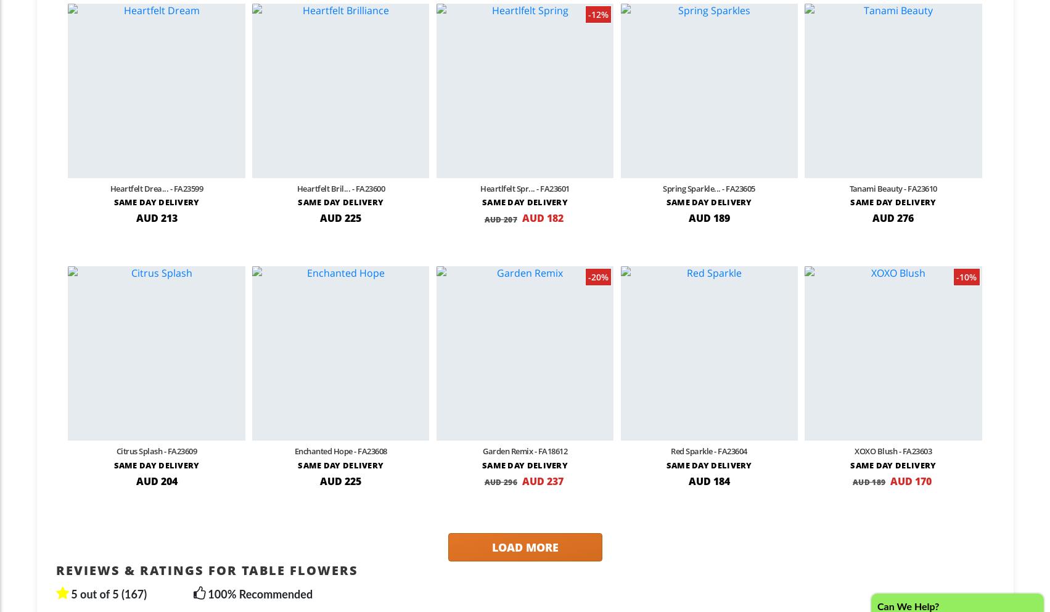  I want to click on 'Heartlfelt Spr... - FA23601', so click(480, 188).